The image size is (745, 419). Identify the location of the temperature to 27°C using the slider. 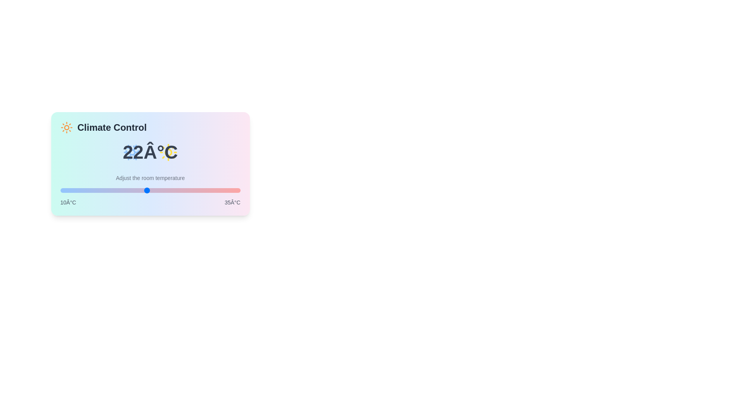
(182, 190).